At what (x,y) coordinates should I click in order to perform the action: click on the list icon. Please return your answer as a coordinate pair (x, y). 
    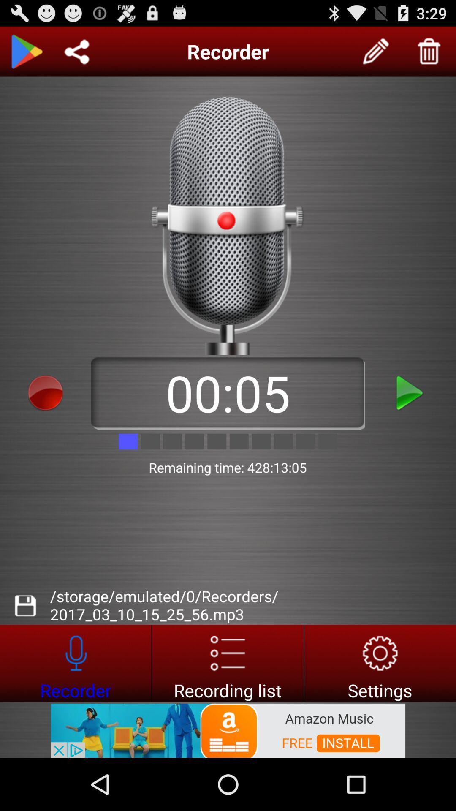
    Looking at the image, I should click on (227, 710).